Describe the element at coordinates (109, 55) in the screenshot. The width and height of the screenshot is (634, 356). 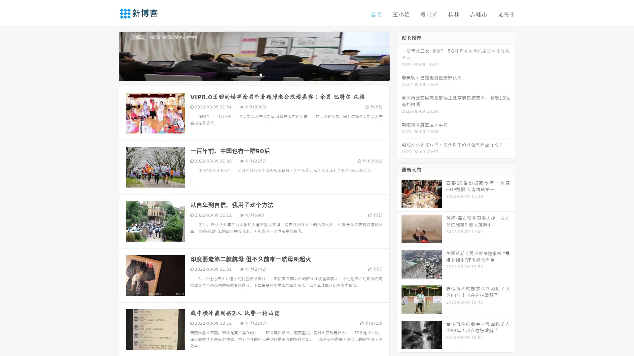
I see `Previous slide` at that location.